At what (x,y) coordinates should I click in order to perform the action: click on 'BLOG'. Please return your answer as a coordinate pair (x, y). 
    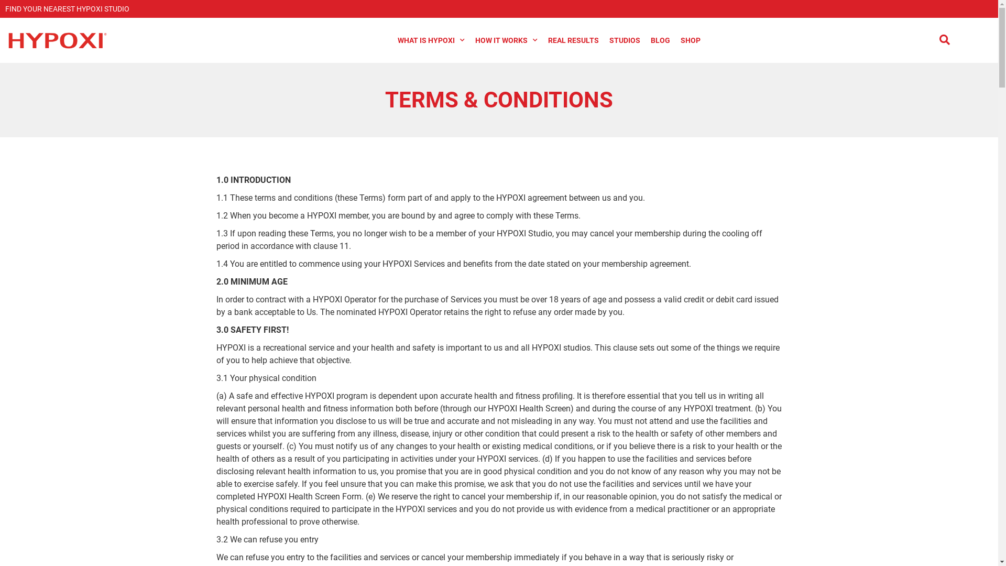
    Looking at the image, I should click on (660, 40).